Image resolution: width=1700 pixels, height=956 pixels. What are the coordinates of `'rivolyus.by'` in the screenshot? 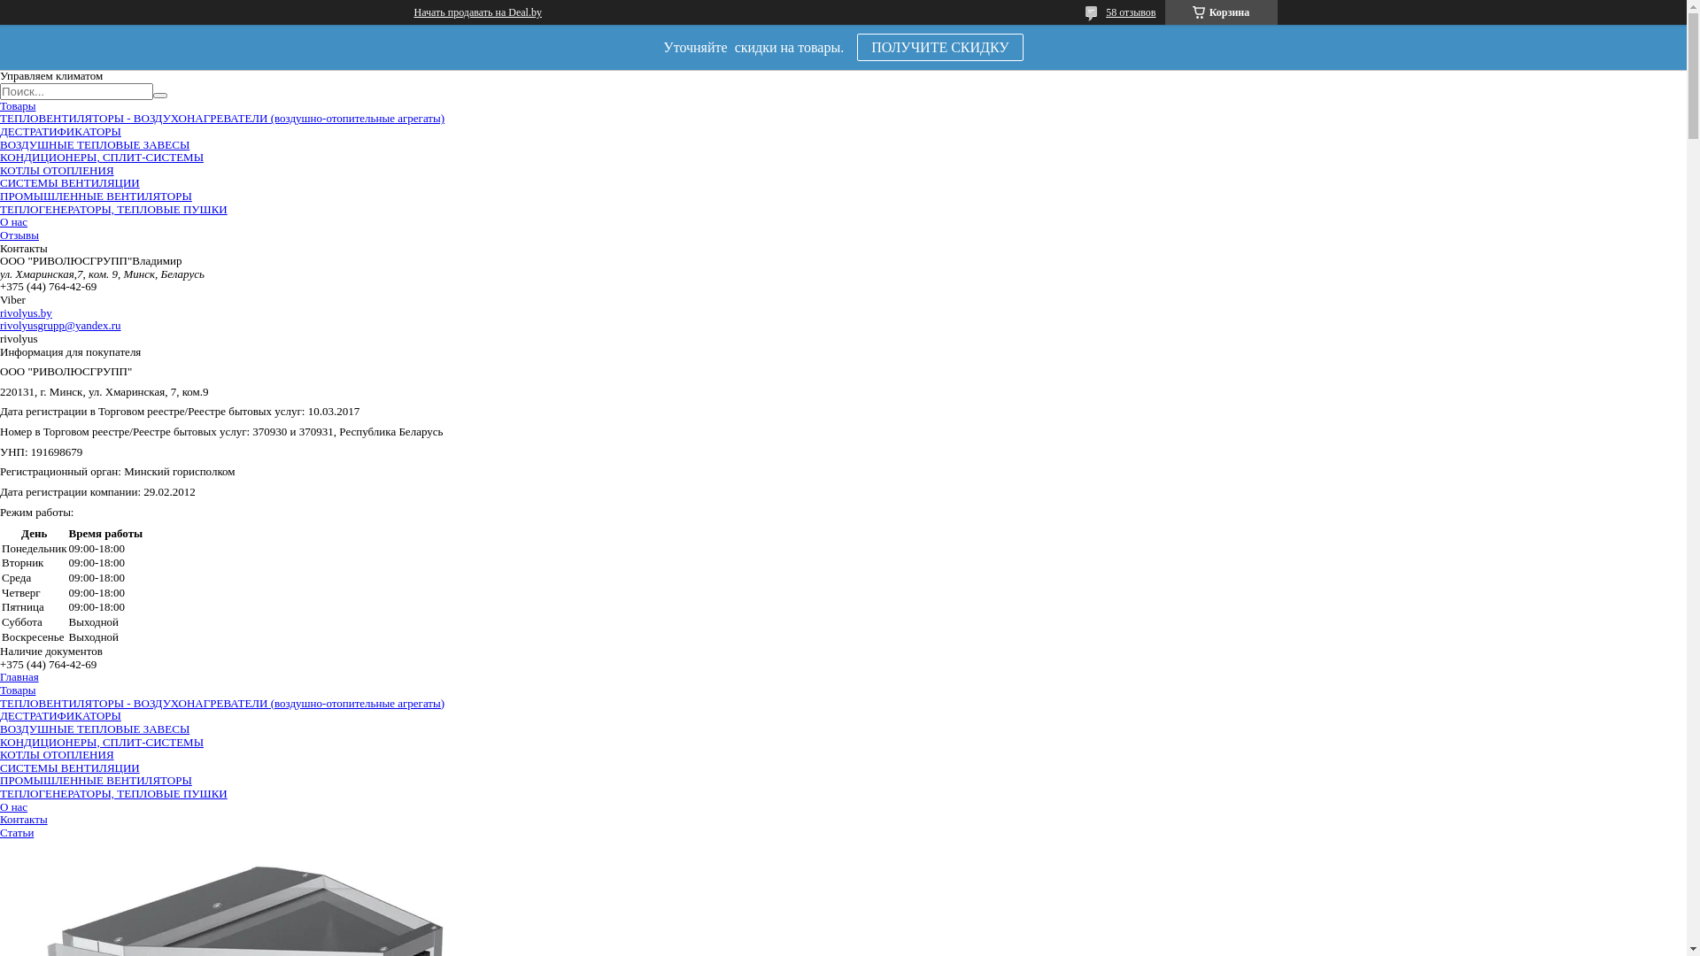 It's located at (26, 312).